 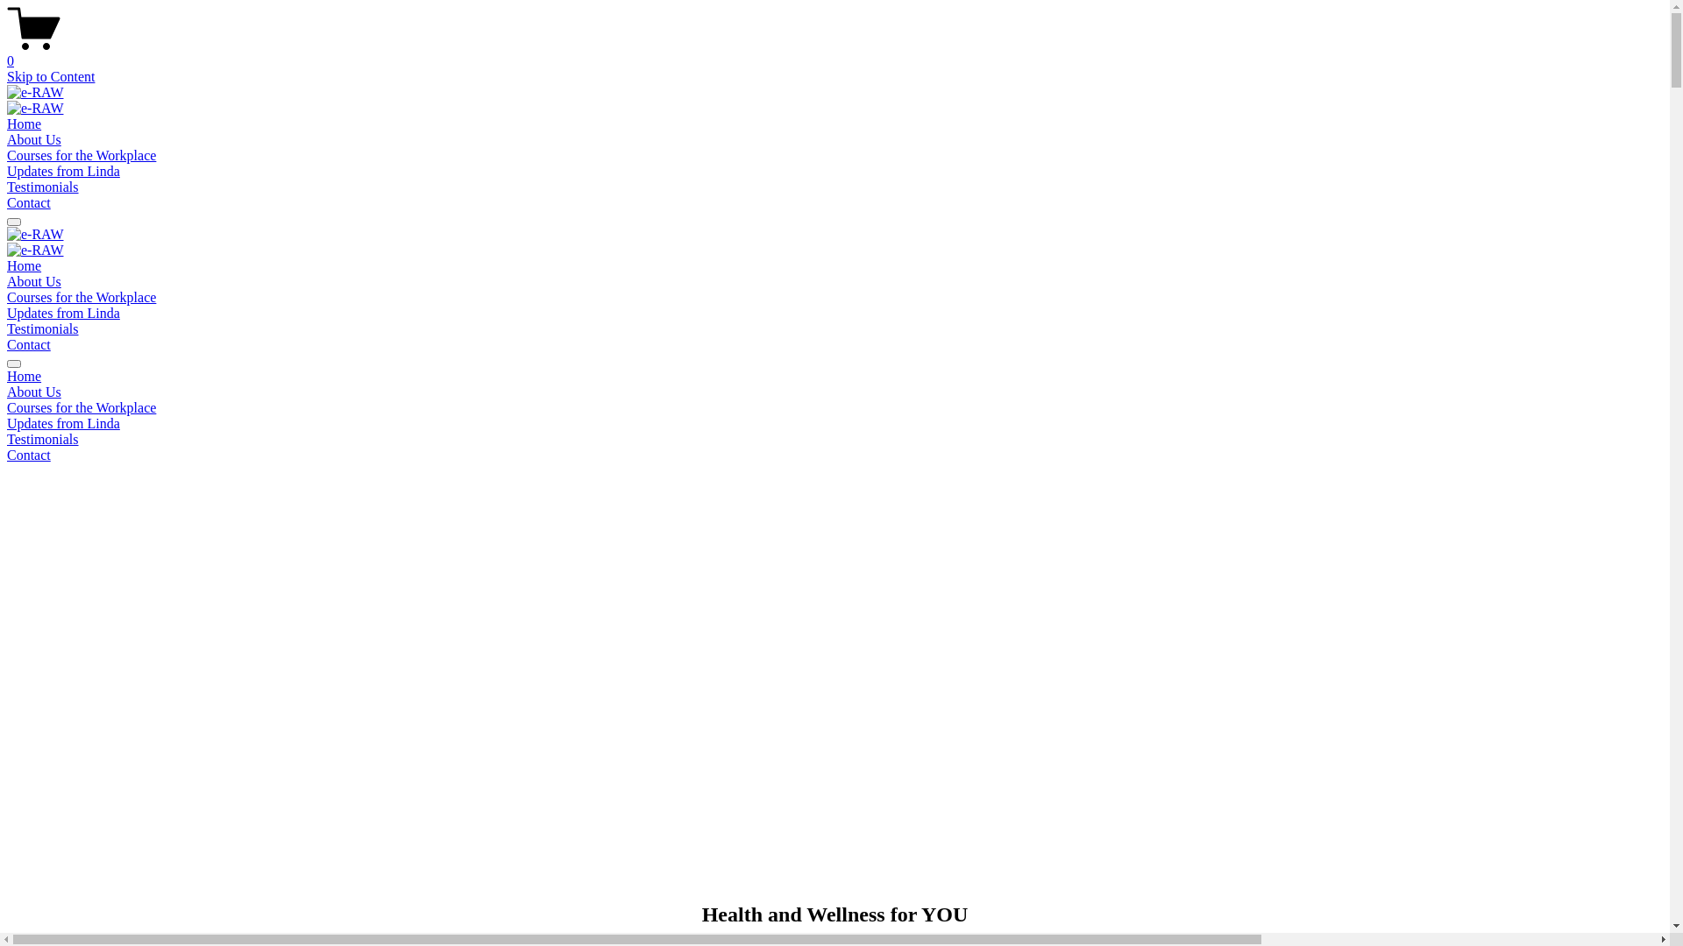 What do you see at coordinates (42, 328) in the screenshot?
I see `'Testimonials'` at bounding box center [42, 328].